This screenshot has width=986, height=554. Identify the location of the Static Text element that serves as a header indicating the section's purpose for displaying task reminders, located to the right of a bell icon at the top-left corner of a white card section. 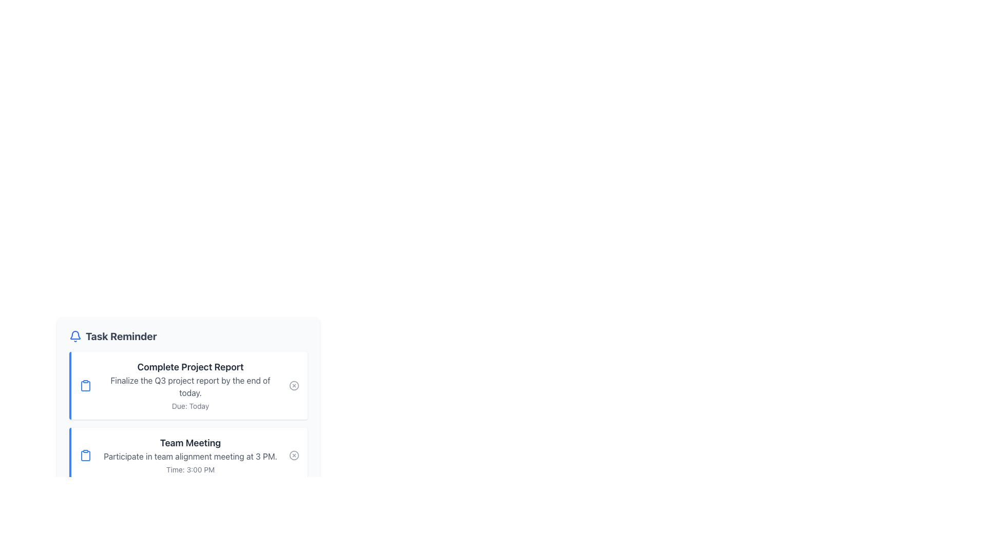
(121, 336).